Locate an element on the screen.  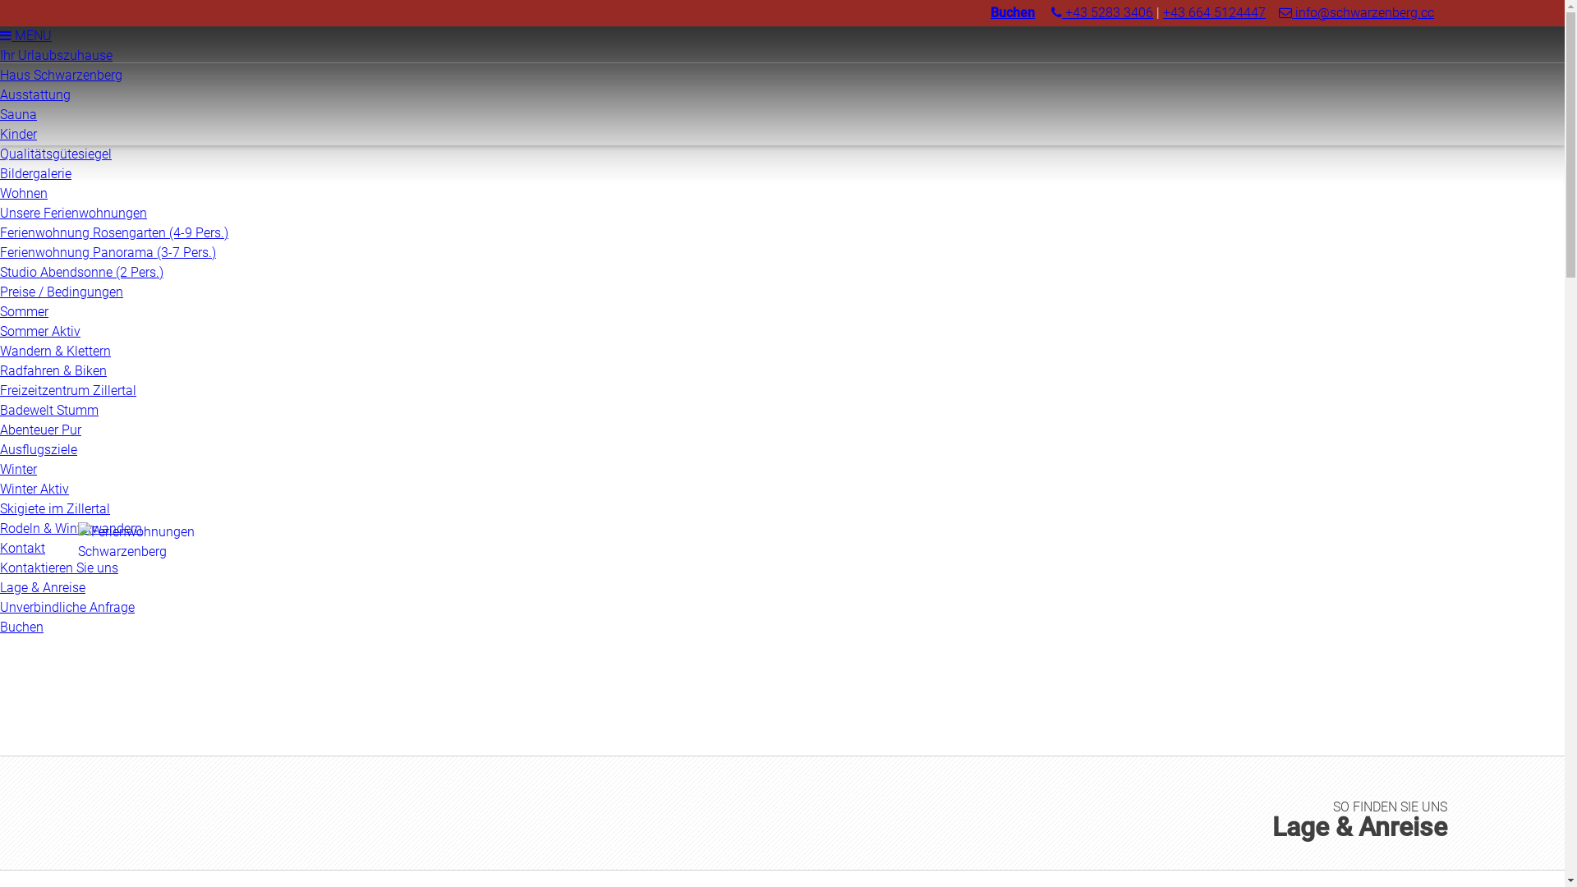
'Wohnen' is located at coordinates (23, 192).